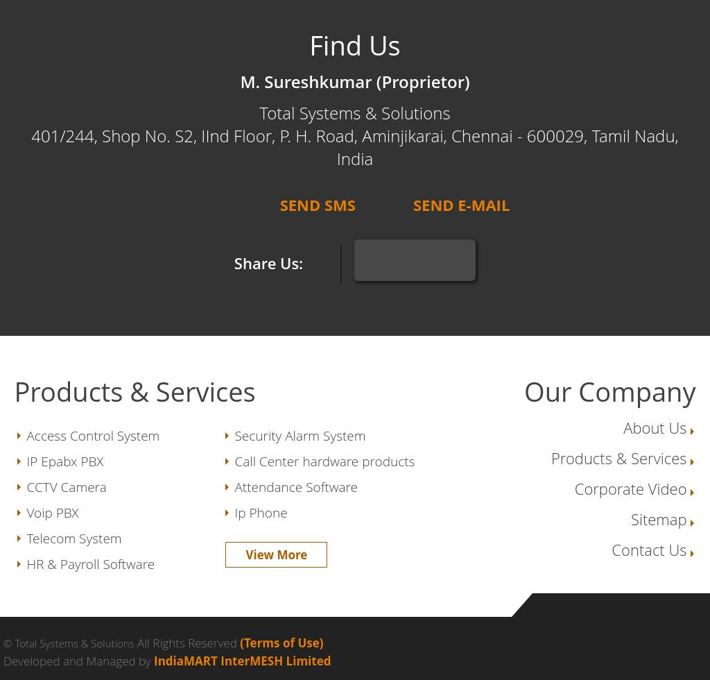  What do you see at coordinates (354, 146) in the screenshot?
I see `'401/244, Shop No. S2, IInd Floor, P. H. Road, Aminjikarai, Chennai - 600029, Tamil Nadu, India'` at bounding box center [354, 146].